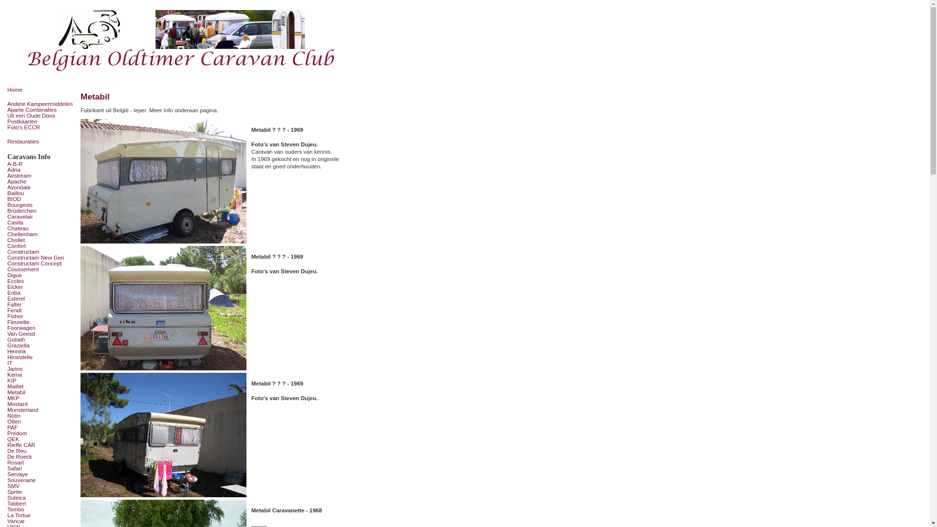 The height and width of the screenshot is (527, 937). Describe the element at coordinates (41, 451) in the screenshot. I see `'De Reu'` at that location.